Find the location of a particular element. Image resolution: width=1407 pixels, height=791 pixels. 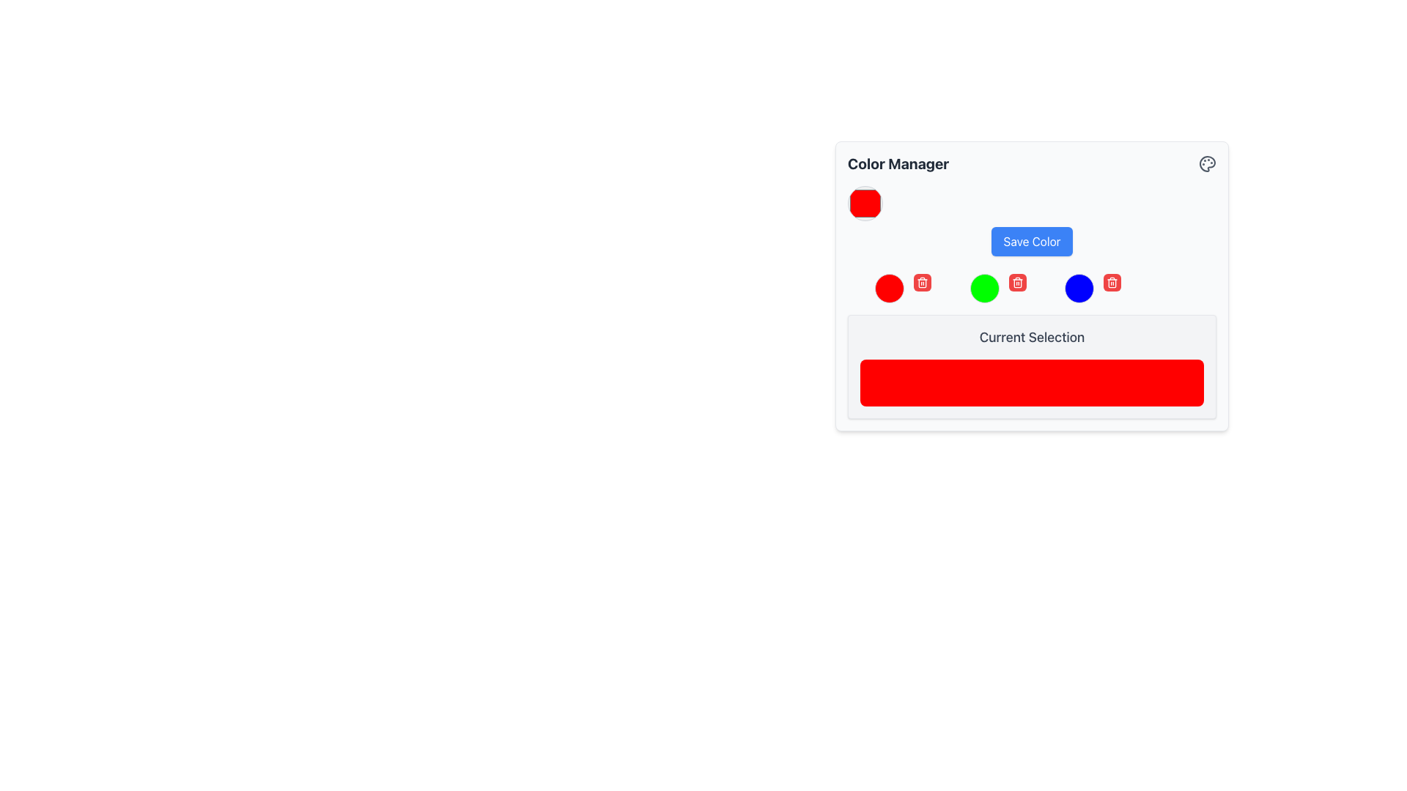

the trash icon with a red background and white line art style is located at coordinates (1112, 282).